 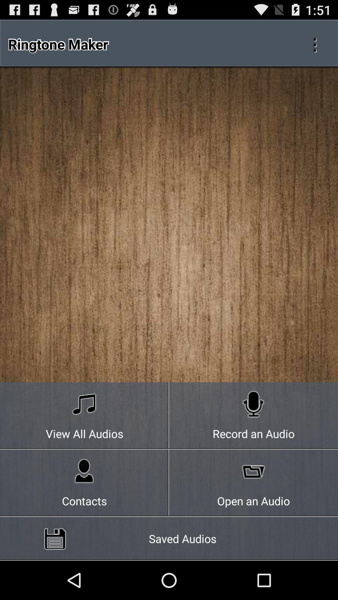 I want to click on the icon above the saved audios button, so click(x=84, y=483).